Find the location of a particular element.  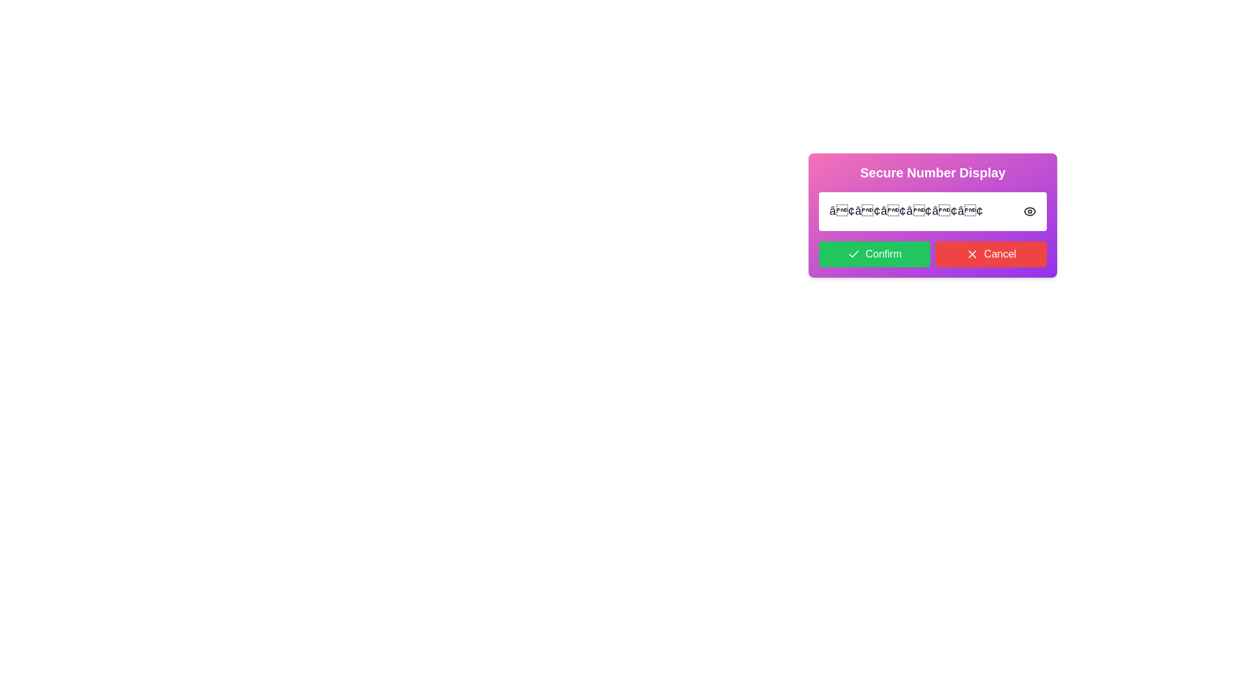

the cancel button located to the right of the green 'Confirm' button in the control panel to change its color is located at coordinates (991, 254).